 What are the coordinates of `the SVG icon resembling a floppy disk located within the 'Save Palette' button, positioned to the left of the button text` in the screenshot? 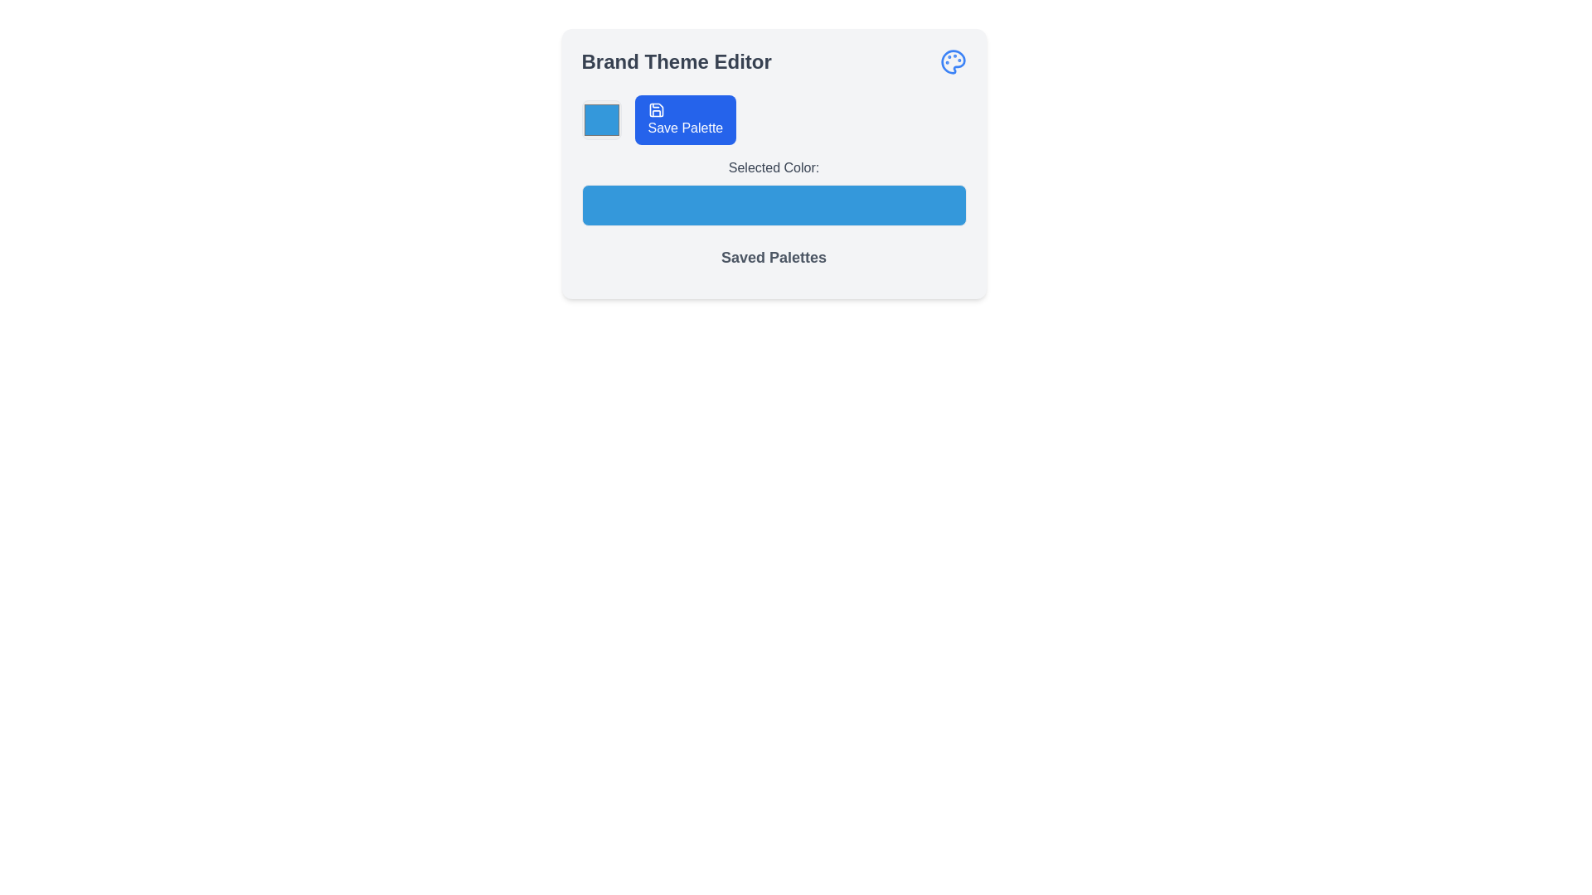 It's located at (655, 109).